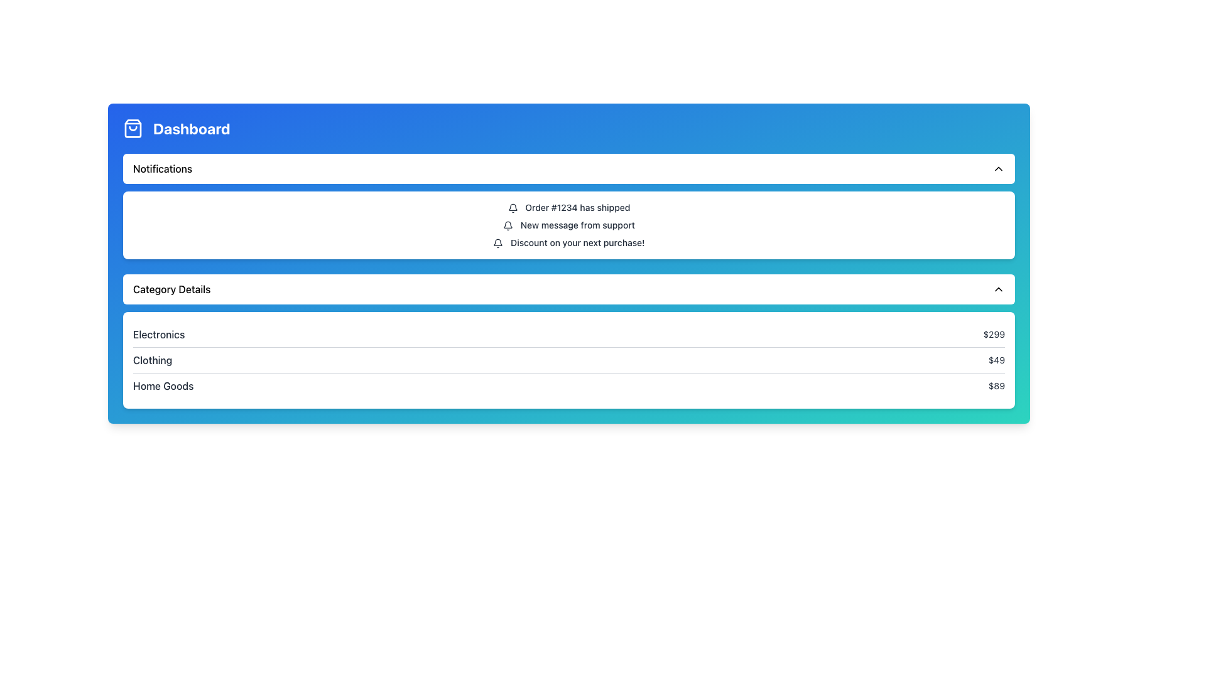 The image size is (1206, 678). I want to click on the shopping-related icon located to the left of the 'Dashboard' text in the header section, so click(133, 128).